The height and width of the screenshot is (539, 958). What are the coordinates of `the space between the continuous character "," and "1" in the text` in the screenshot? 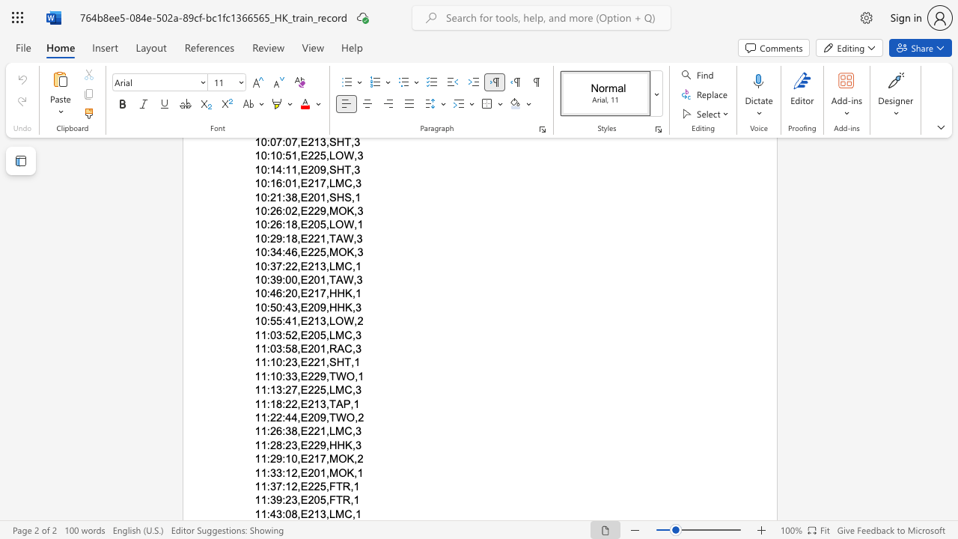 It's located at (356, 513).